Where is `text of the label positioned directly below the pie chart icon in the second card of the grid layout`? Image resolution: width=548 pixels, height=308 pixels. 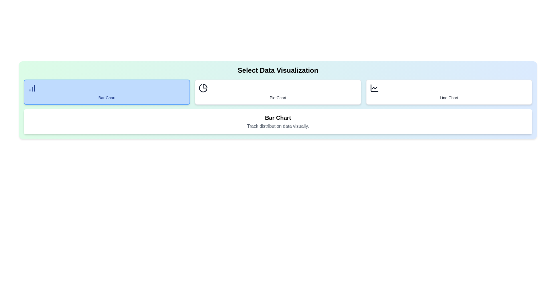 text of the label positioned directly below the pie chart icon in the second card of the grid layout is located at coordinates (278, 98).